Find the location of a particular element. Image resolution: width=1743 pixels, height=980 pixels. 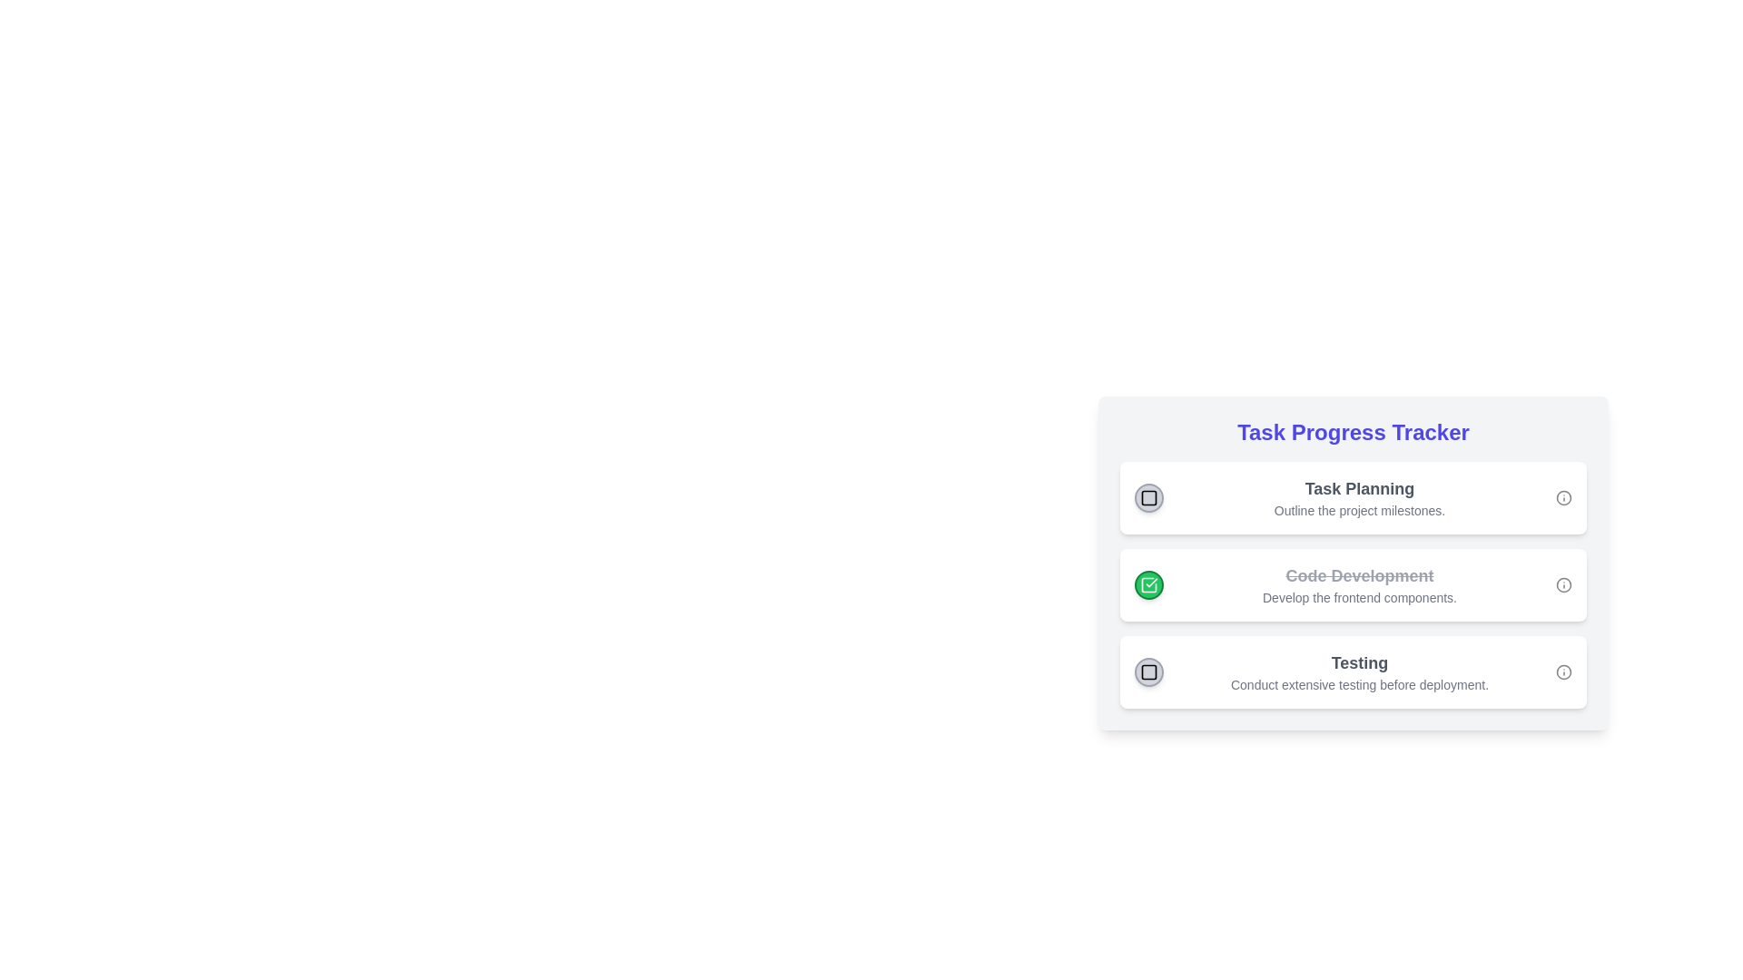

the small square icon with rounded corners located inside the circular button in the third row of the Task Progress Tracker interface, specifically in the 'Testing' section is located at coordinates (1148, 671).